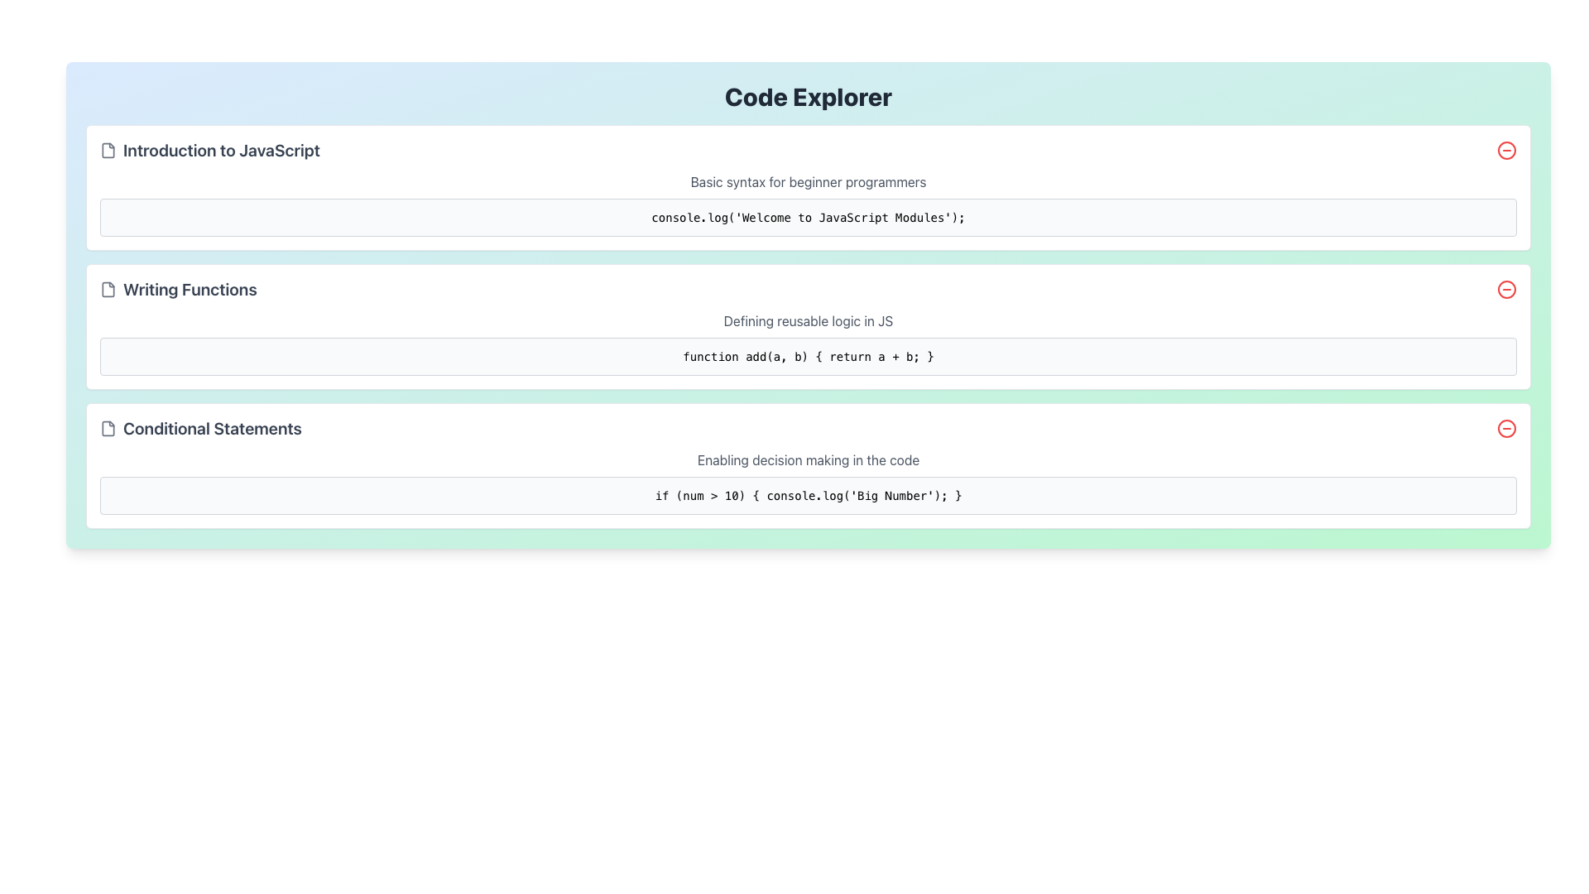 Image resolution: width=1589 pixels, height=894 pixels. I want to click on the button located at the far-right region of the 'Conditional Statements' section's header bar, so click(1506, 427).